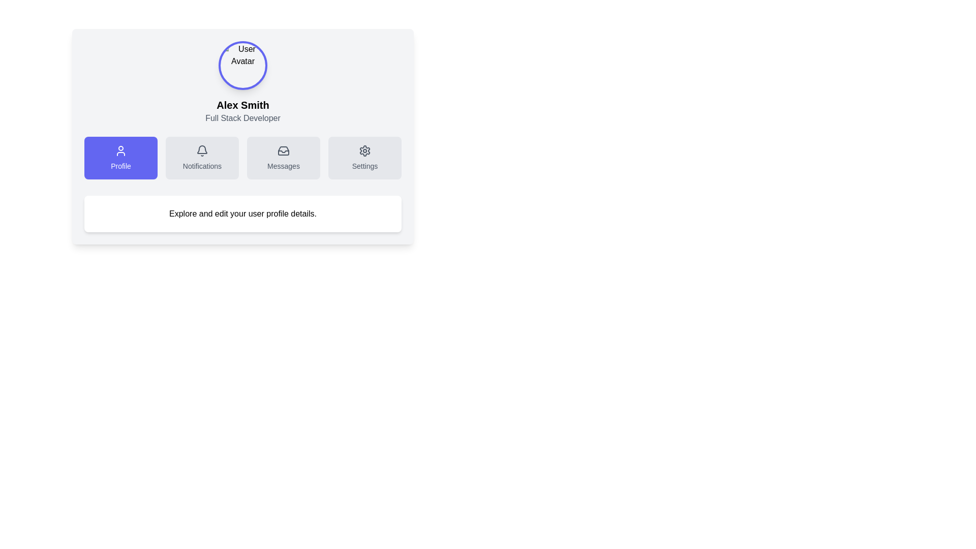 The width and height of the screenshot is (976, 549). Describe the element at coordinates (202, 158) in the screenshot. I see `the 'Notifications' button, which is a light gray button with a bell icon and the text 'Notifications' below it, located at the center of the viewport` at that location.